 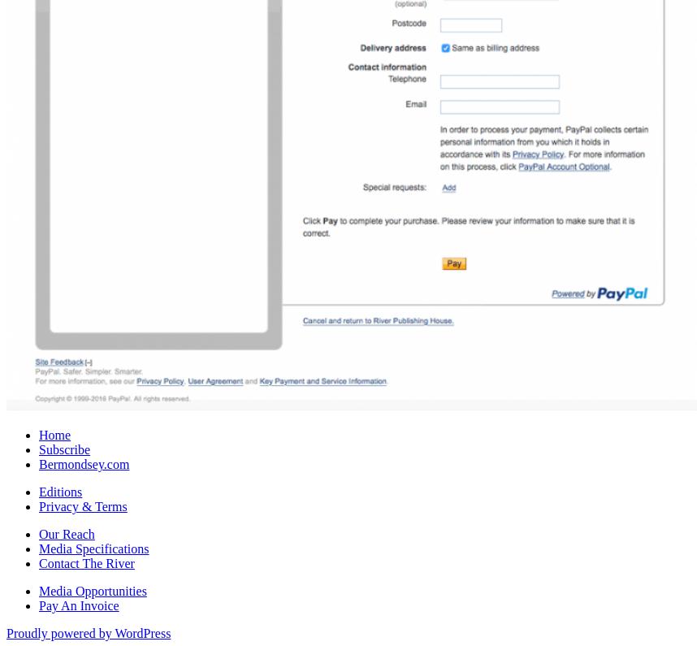 What do you see at coordinates (54, 433) in the screenshot?
I see `'Home'` at bounding box center [54, 433].